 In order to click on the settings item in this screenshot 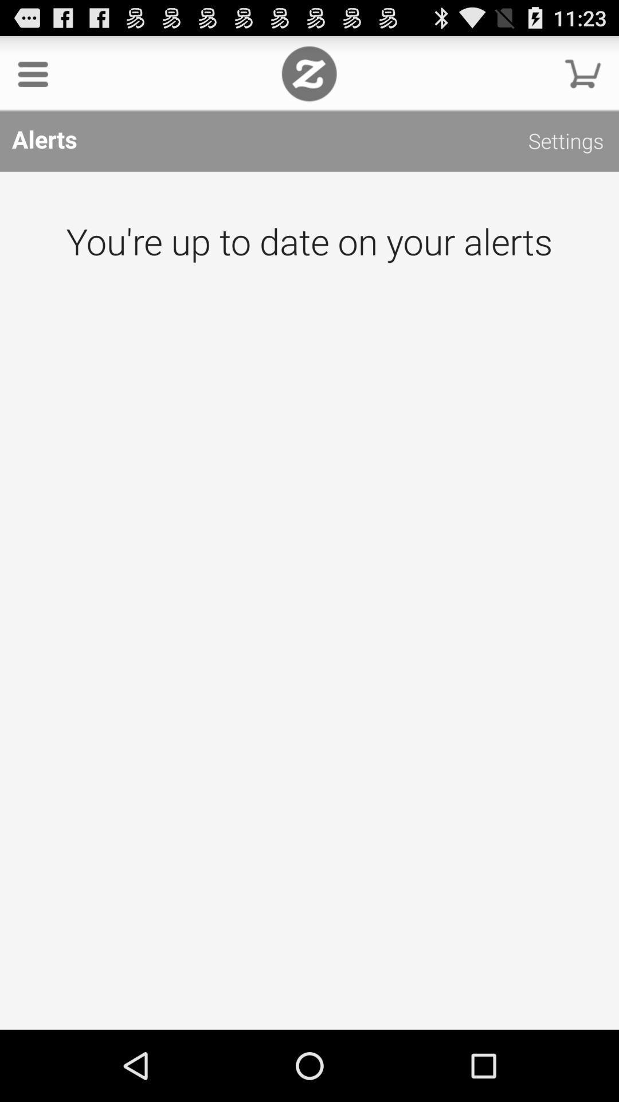, I will do `click(565, 142)`.